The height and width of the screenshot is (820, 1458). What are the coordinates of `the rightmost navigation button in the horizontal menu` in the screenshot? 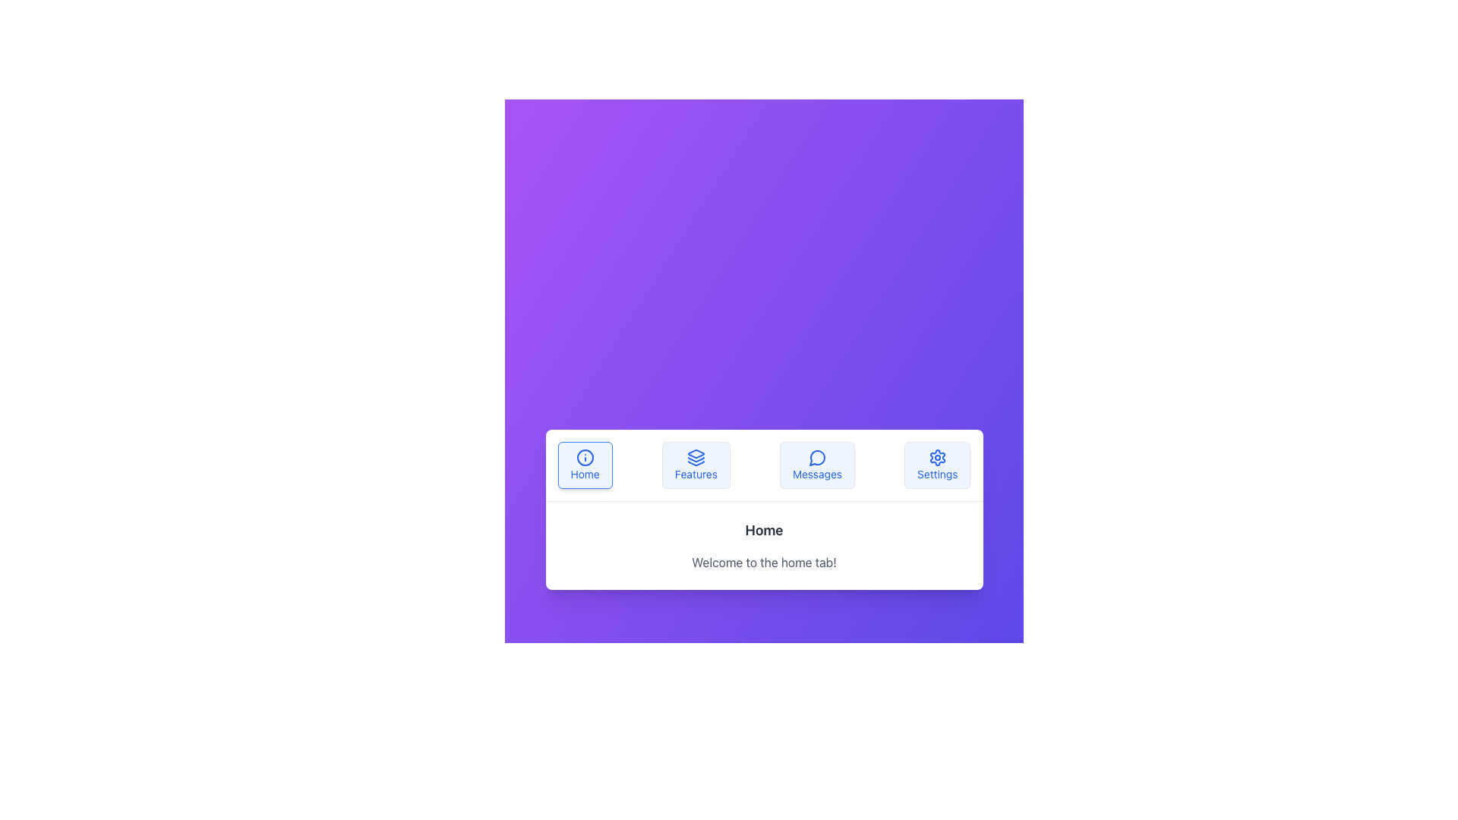 It's located at (936, 464).